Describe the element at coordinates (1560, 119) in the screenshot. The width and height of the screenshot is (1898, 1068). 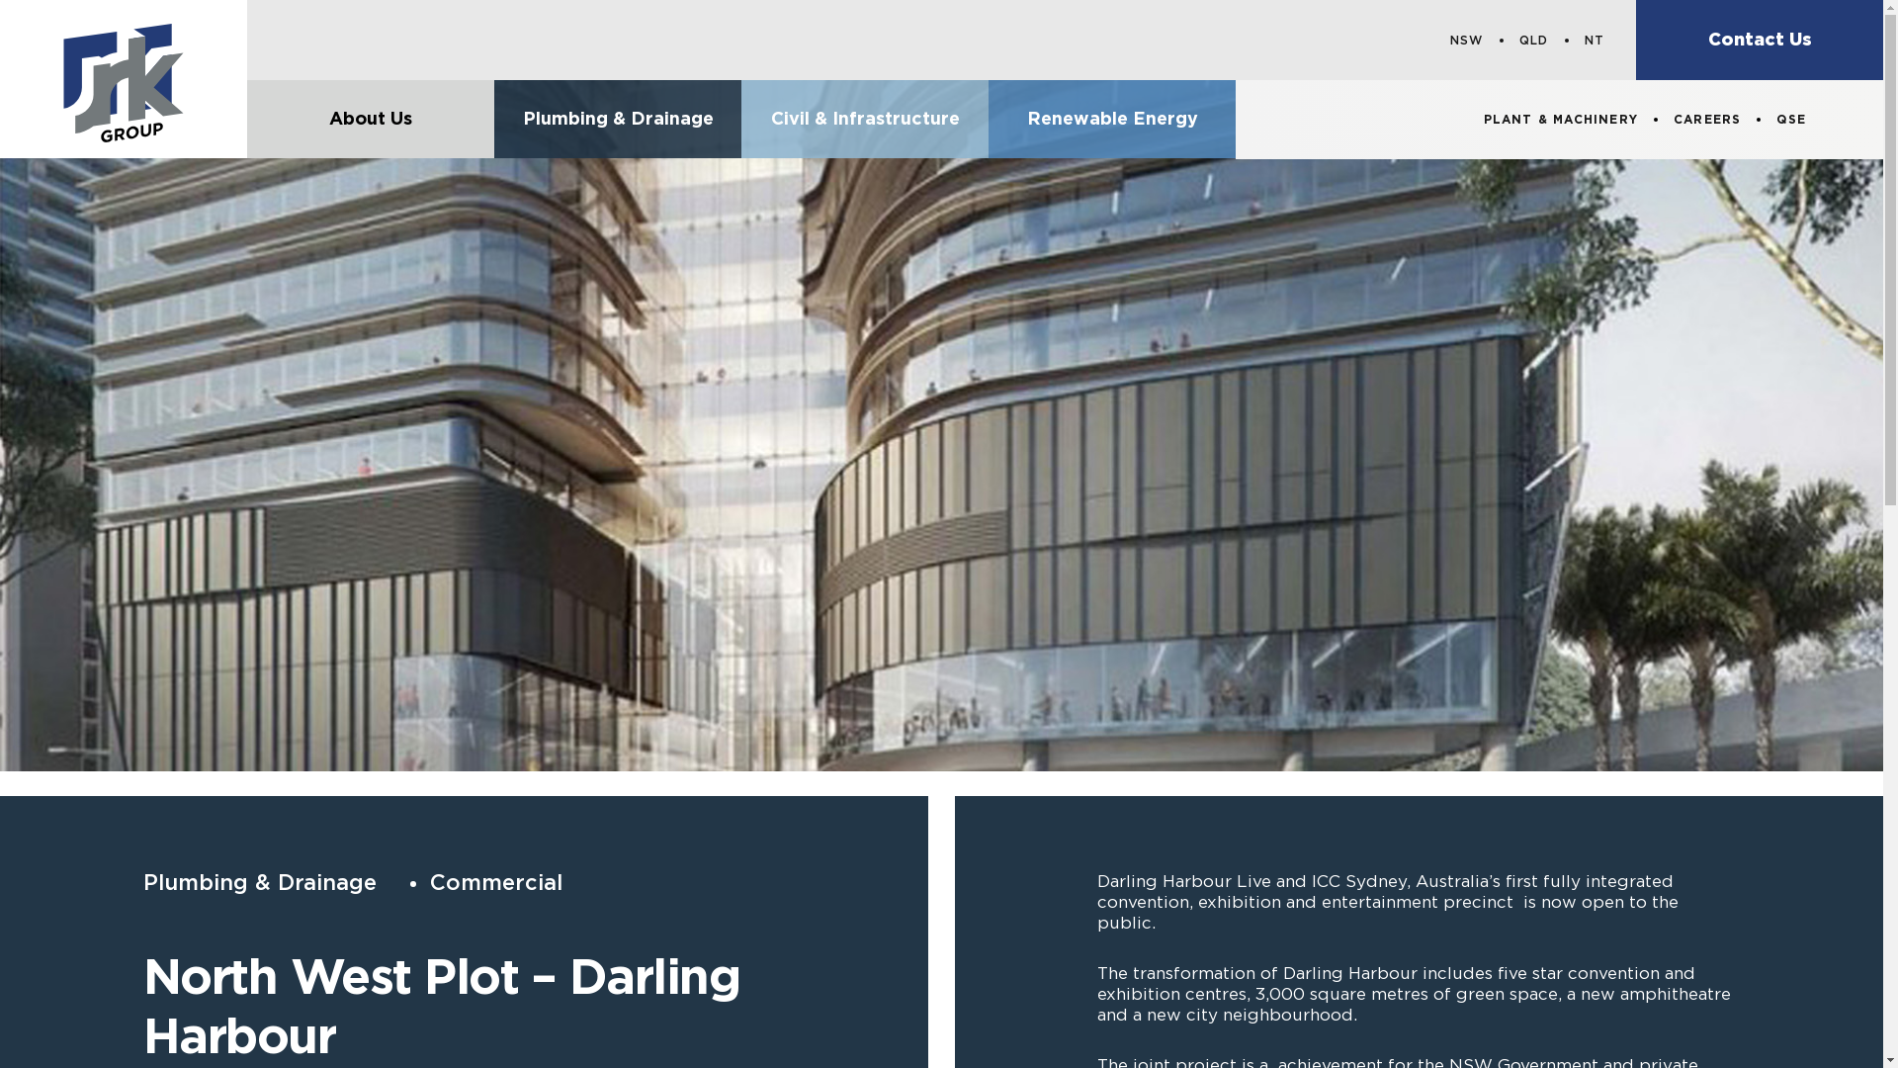
I see `'PLANT & MACHINERY'` at that location.